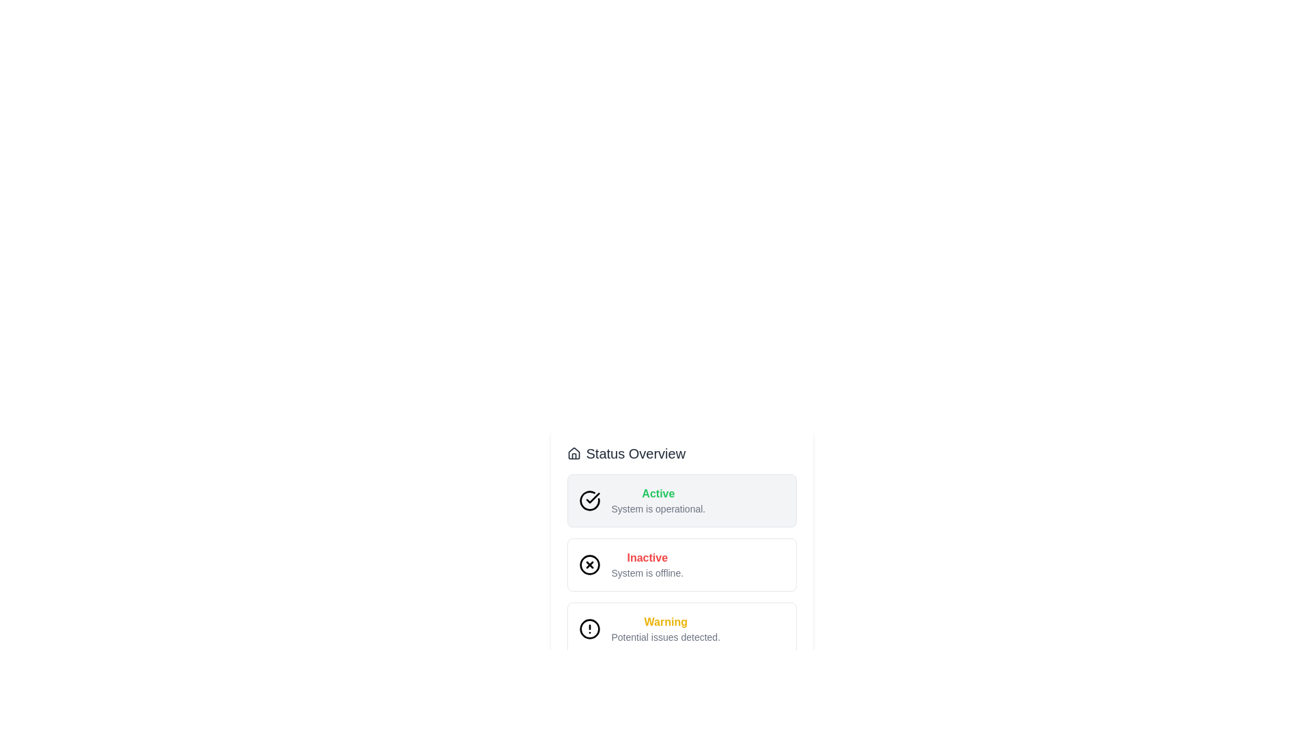  What do you see at coordinates (589, 565) in the screenshot?
I see `the SVG Circle that indicates status within the 'Inactive' status card` at bounding box center [589, 565].